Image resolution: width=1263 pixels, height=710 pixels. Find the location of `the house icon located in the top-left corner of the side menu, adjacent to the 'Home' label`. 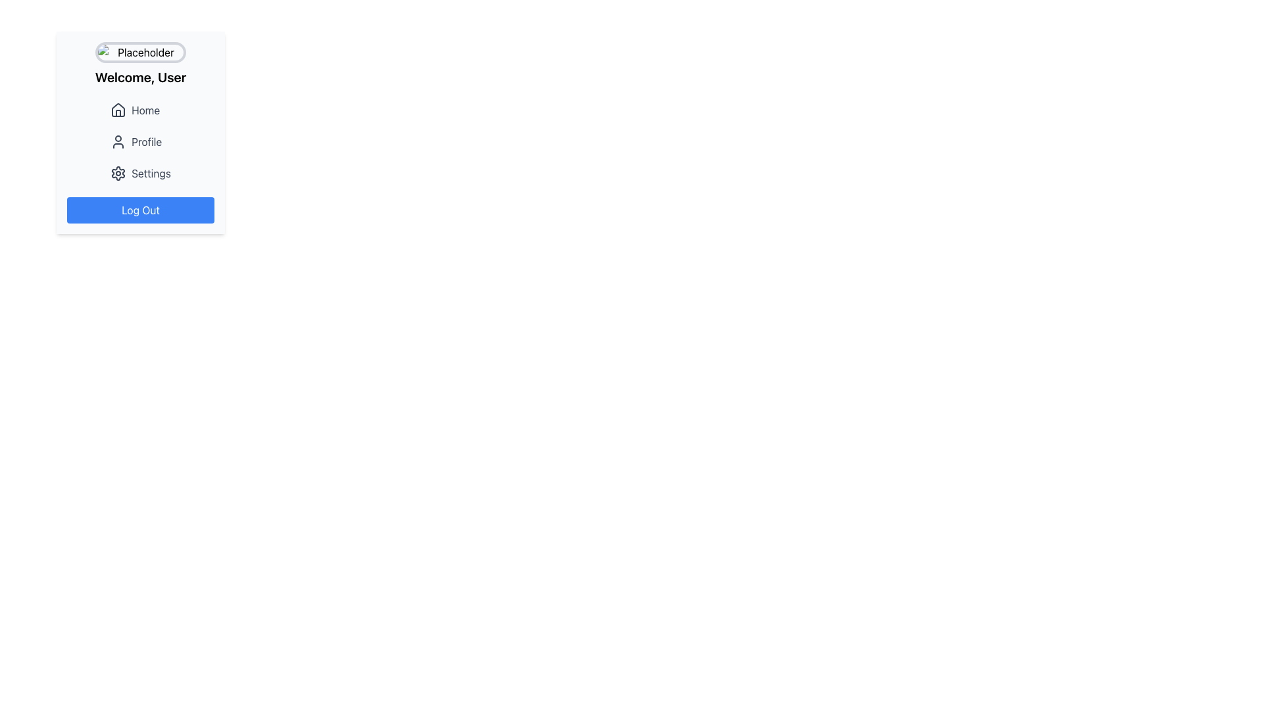

the house icon located in the top-left corner of the side menu, adjacent to the 'Home' label is located at coordinates (118, 109).